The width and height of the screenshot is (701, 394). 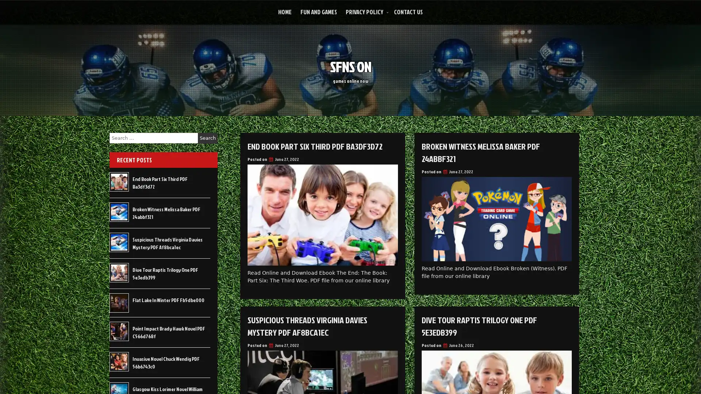 What do you see at coordinates (207, 138) in the screenshot?
I see `Search` at bounding box center [207, 138].